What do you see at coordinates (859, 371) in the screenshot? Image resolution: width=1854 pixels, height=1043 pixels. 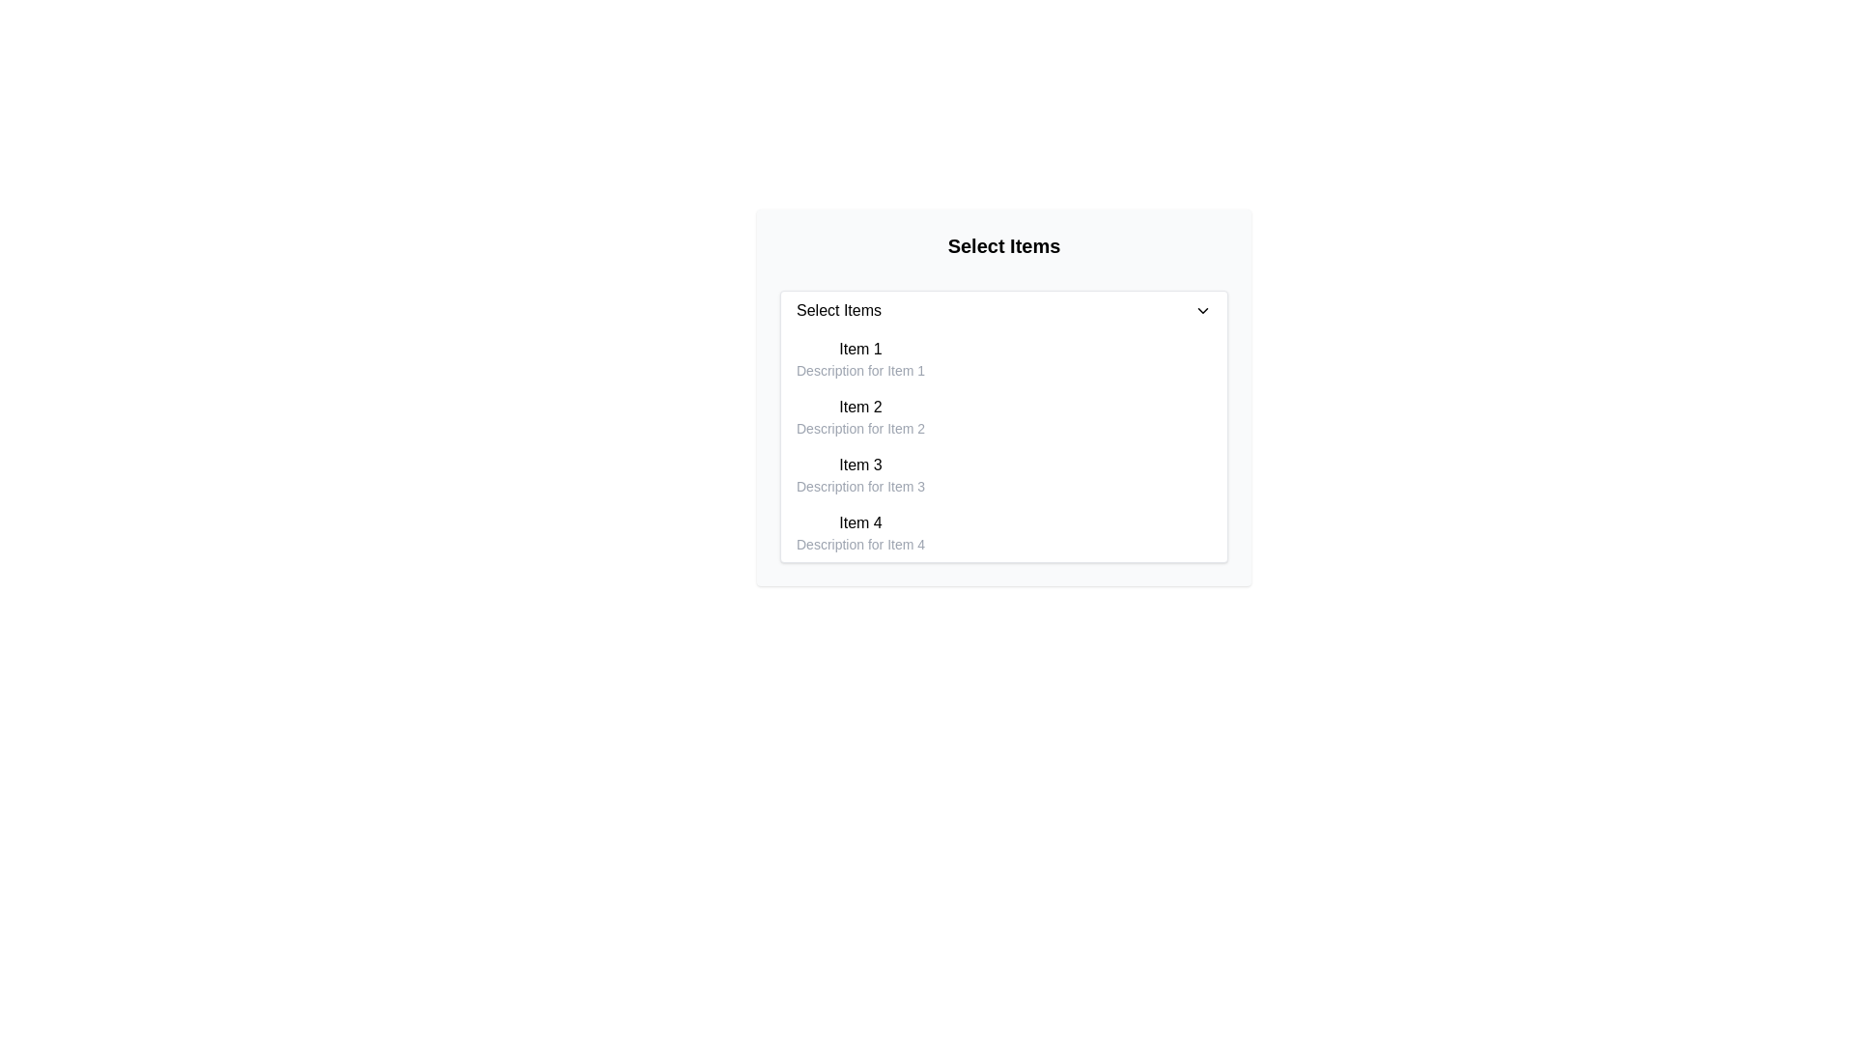 I see `text label that provides additional information about 'Item 1' located under its name in the list` at bounding box center [859, 371].